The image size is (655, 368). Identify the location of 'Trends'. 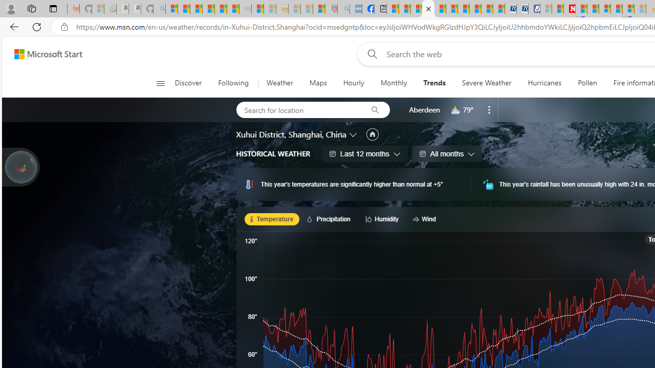
(434, 83).